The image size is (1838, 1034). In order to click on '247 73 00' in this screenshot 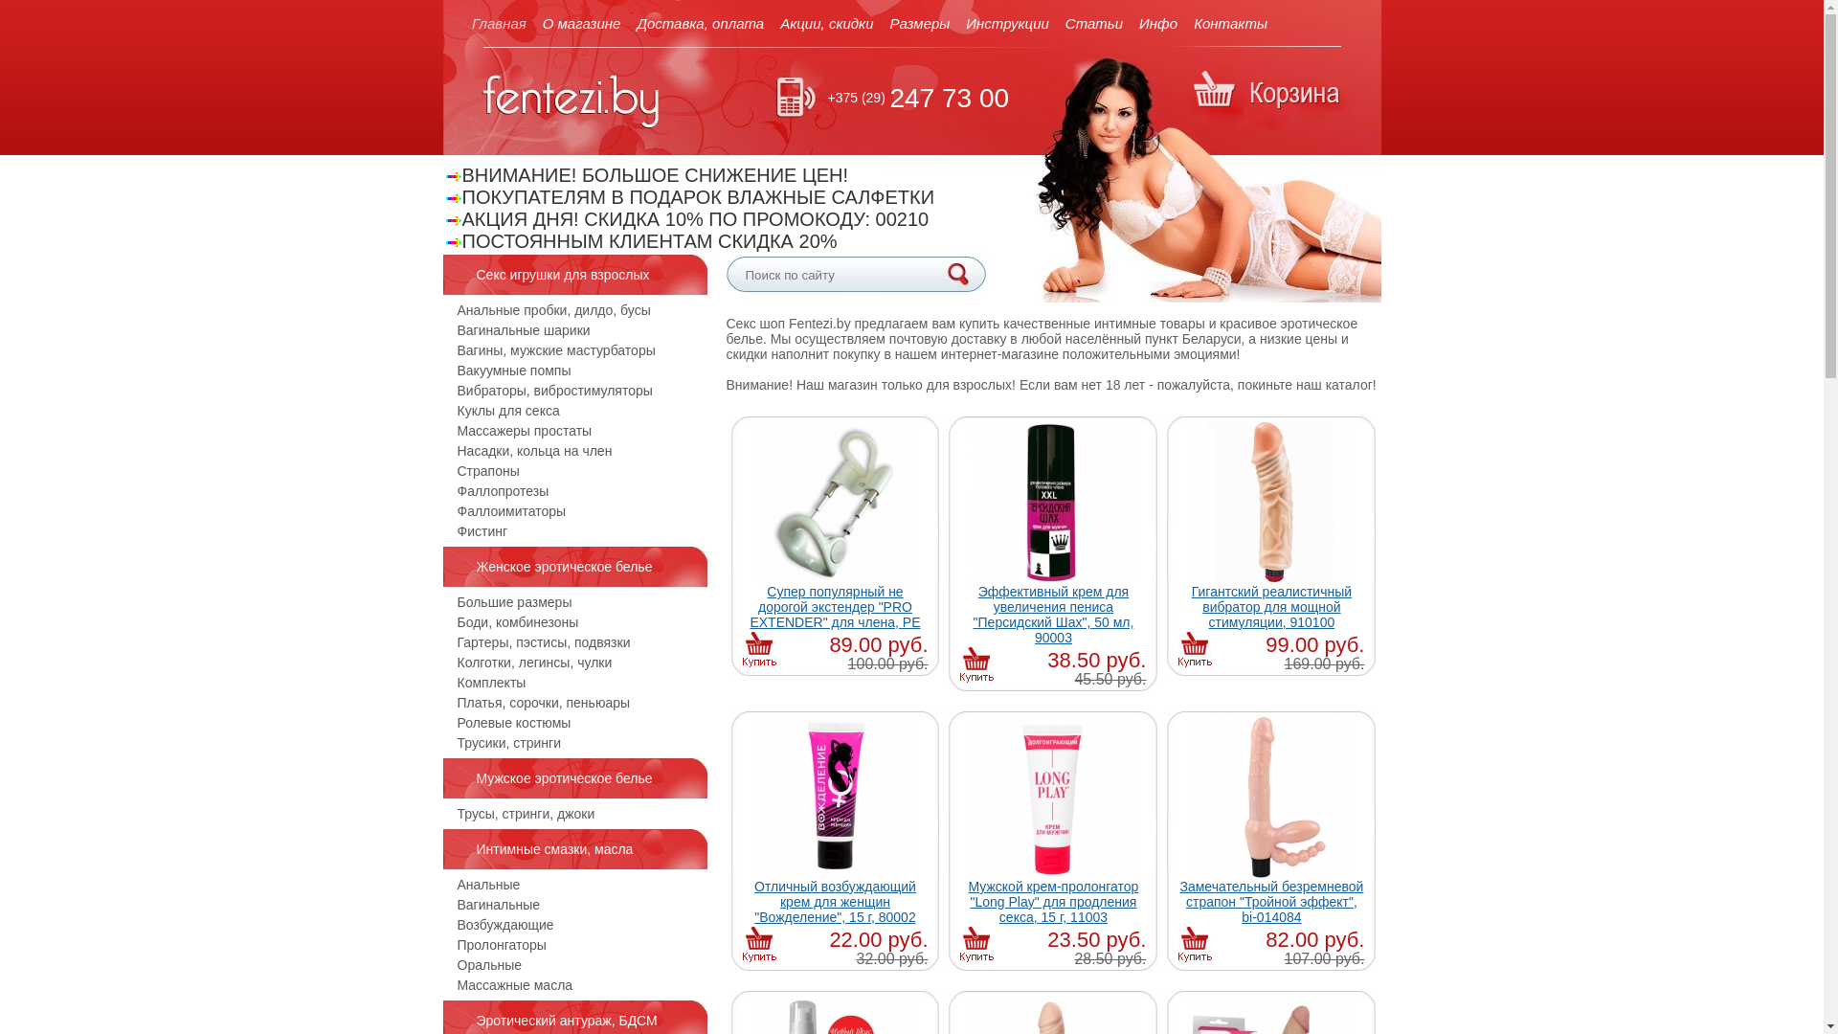, I will do `click(889, 98)`.